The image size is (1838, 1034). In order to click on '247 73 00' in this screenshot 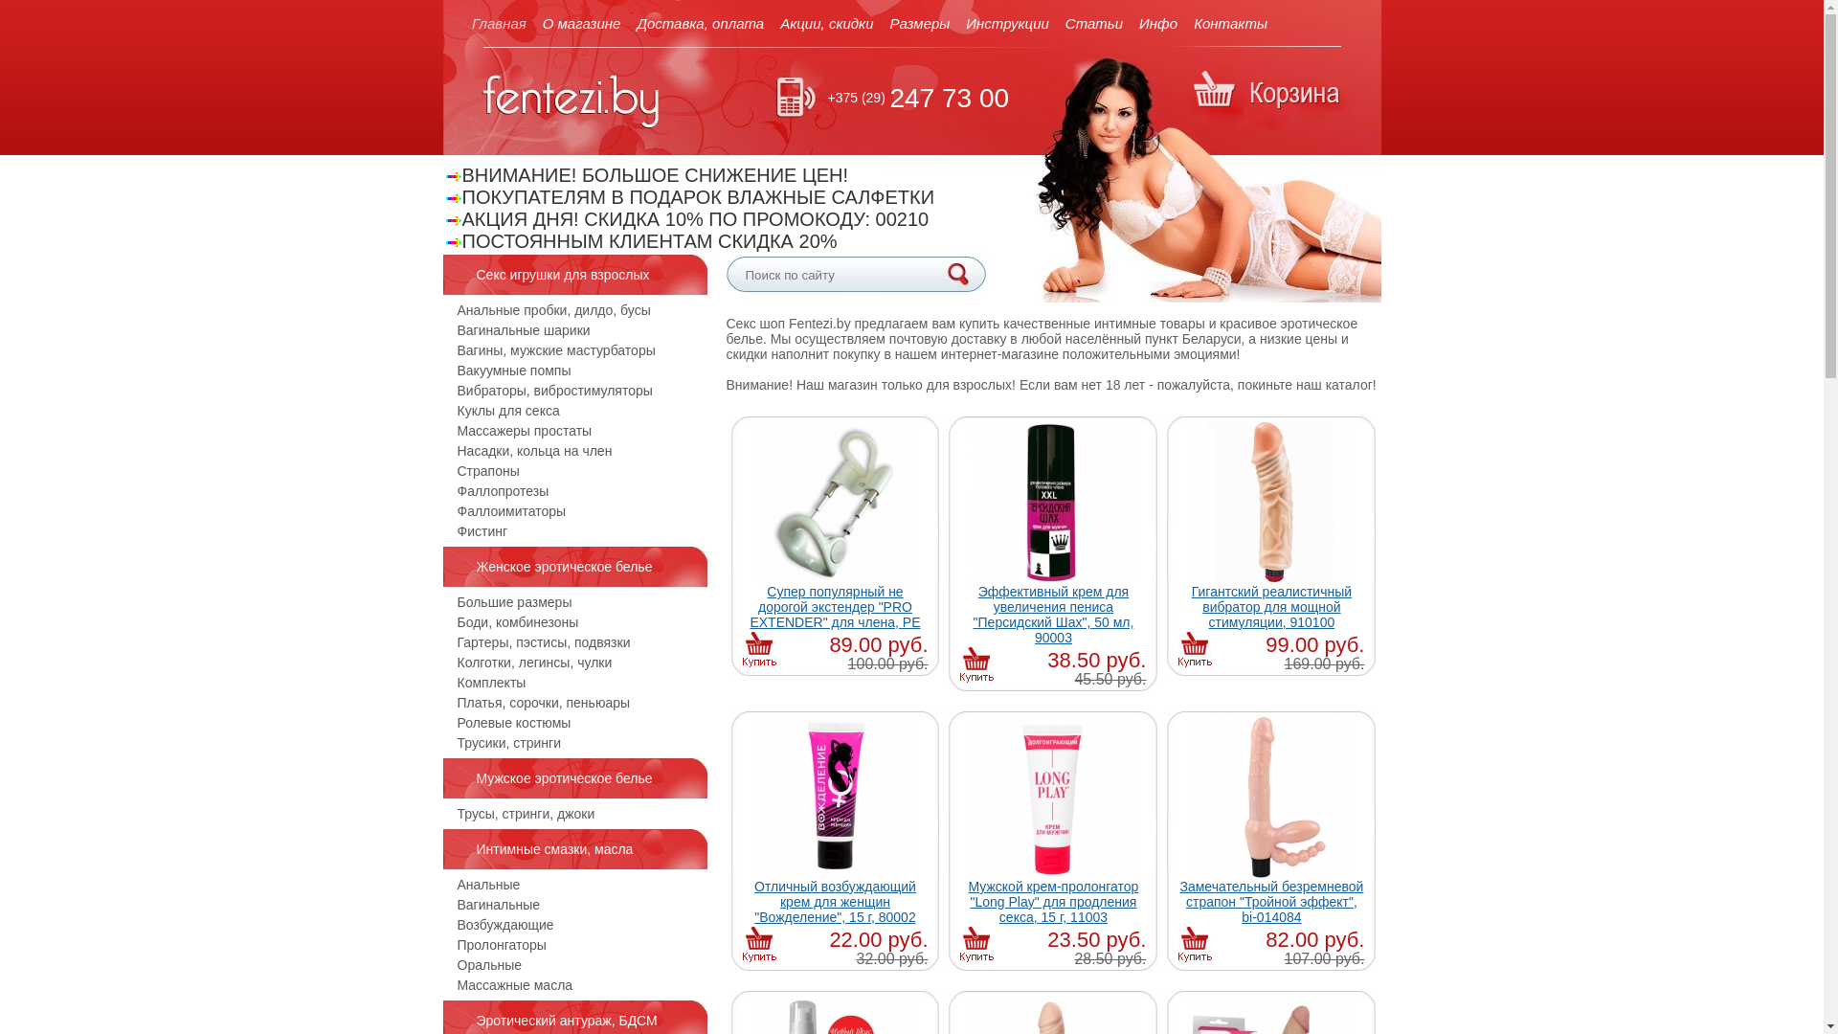, I will do `click(889, 98)`.